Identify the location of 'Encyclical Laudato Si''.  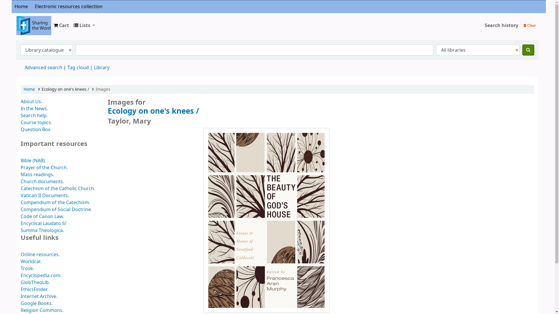
(43, 223).